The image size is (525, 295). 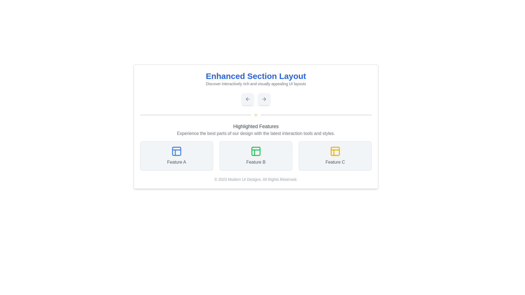 What do you see at coordinates (177, 151) in the screenshot?
I see `the icon representing 'Feature A', which is positioned centrally above the text in its dedicated section` at bounding box center [177, 151].